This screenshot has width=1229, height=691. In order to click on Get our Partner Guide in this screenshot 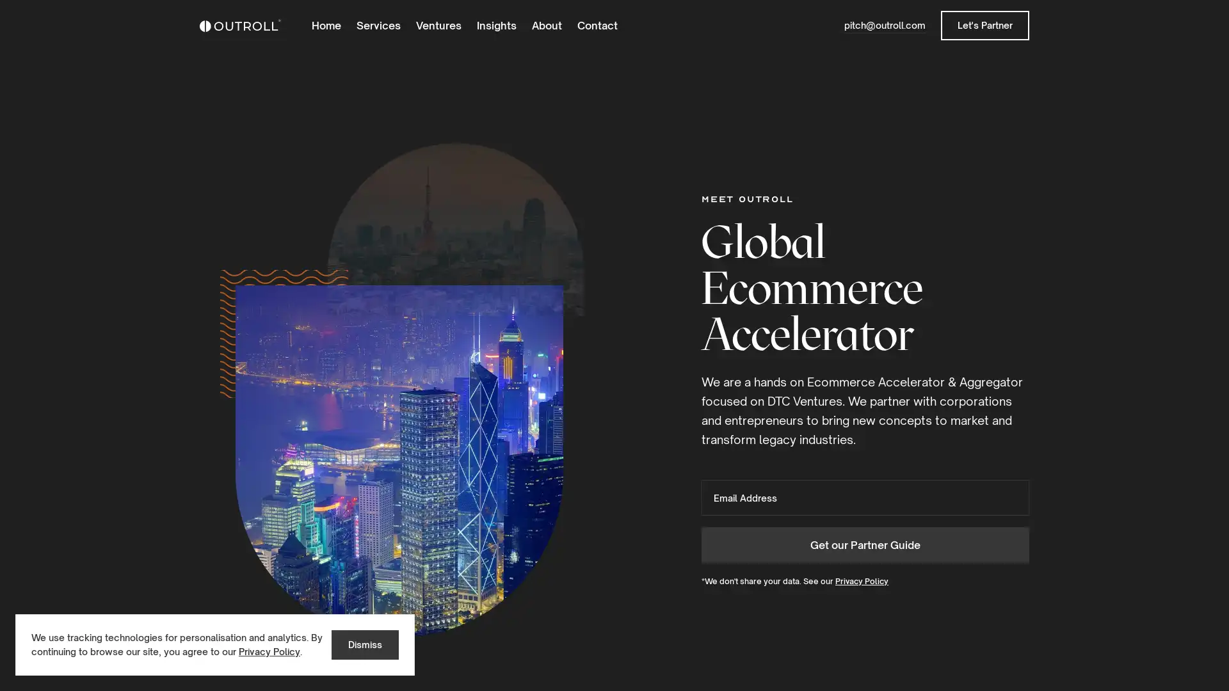, I will do `click(865, 545)`.